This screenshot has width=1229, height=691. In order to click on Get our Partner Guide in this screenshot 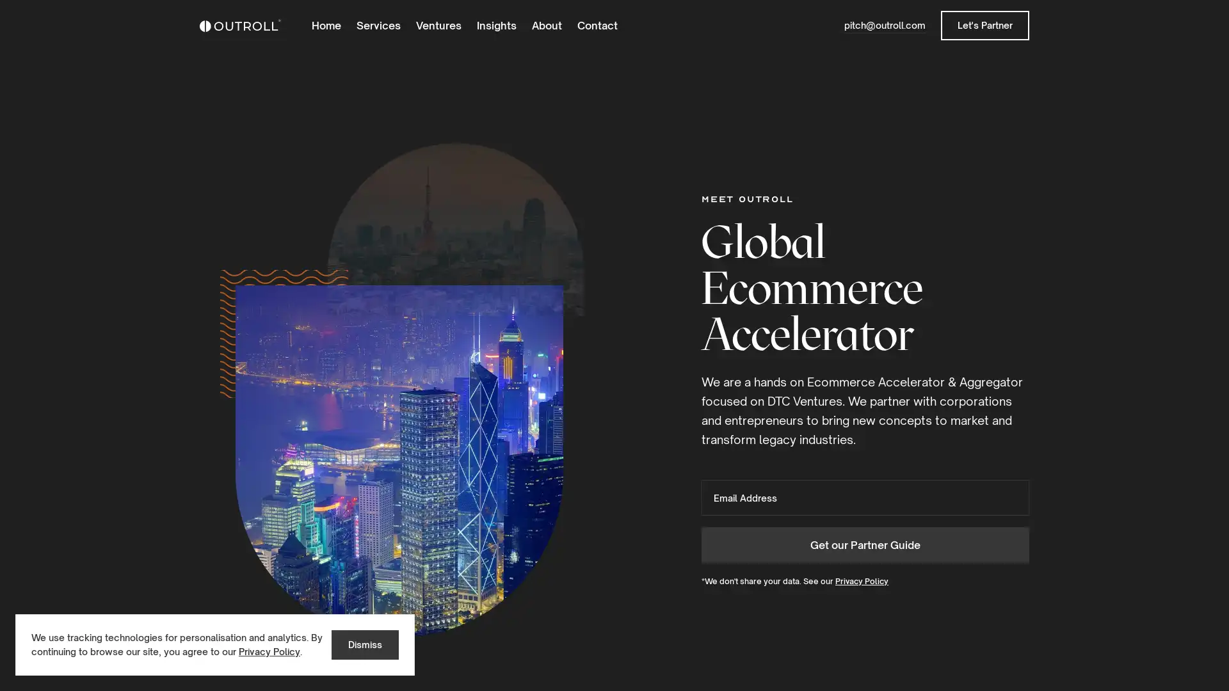, I will do `click(865, 545)`.